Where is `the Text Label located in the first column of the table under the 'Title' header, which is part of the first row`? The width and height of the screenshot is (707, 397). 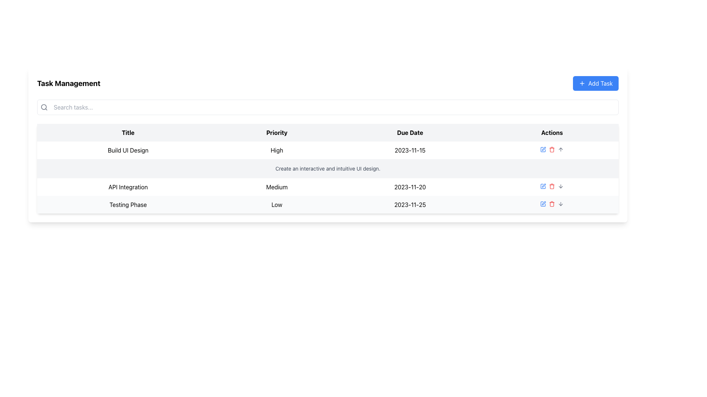
the Text Label located in the first column of the table under the 'Title' header, which is part of the first row is located at coordinates (128, 150).